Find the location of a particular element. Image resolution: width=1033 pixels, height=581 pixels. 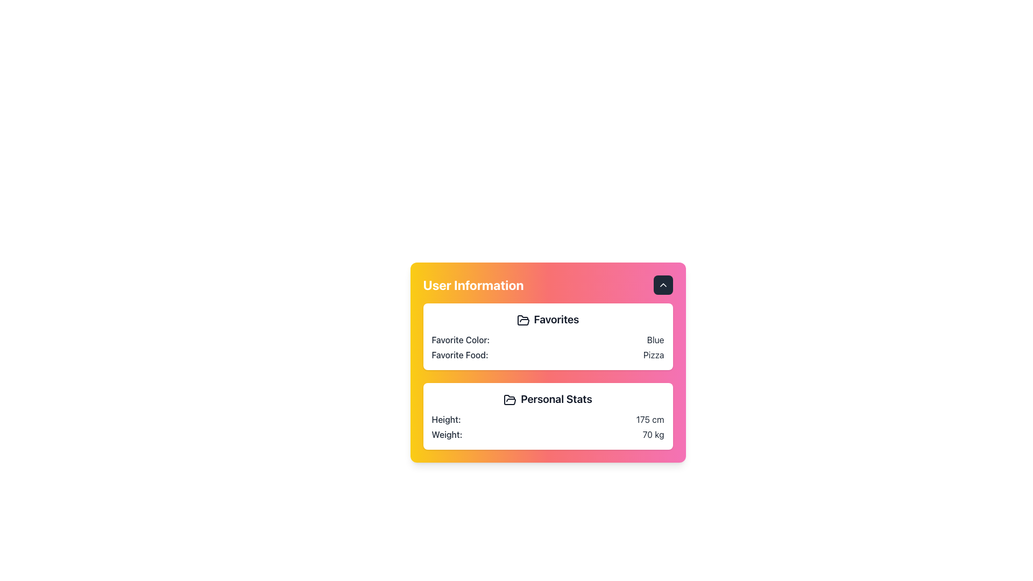

the Information Card that displays personal statistics, specifically height and weight, located in the lower section of the main card below the 'Favorites' section is located at coordinates (548, 416).